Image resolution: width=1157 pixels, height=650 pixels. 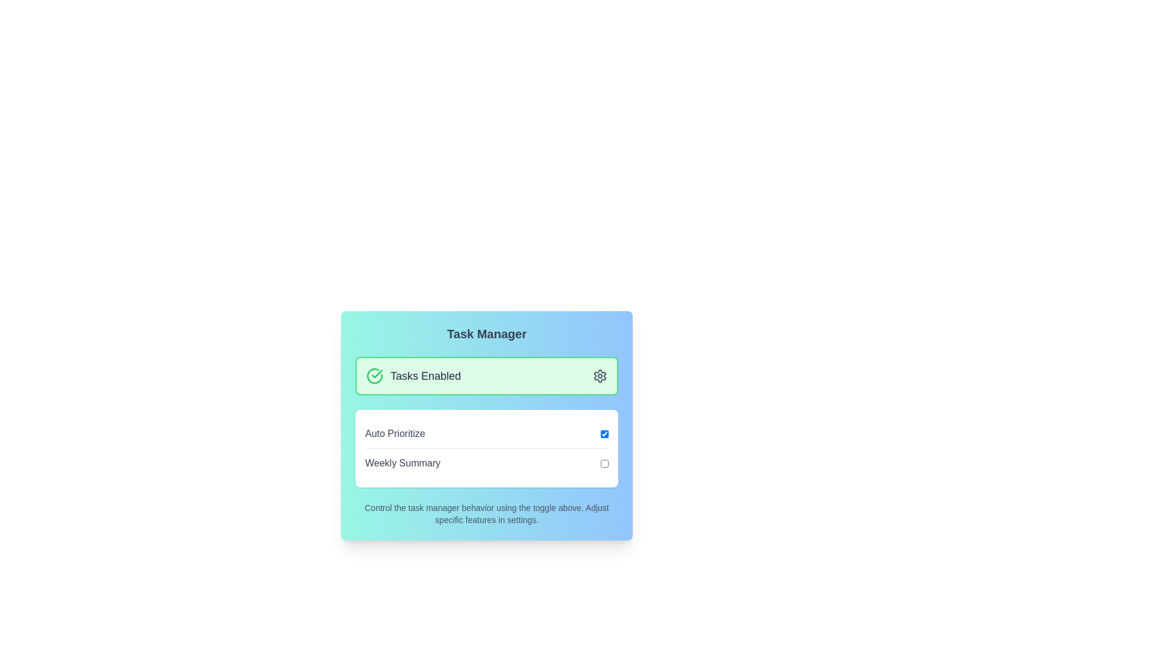 What do you see at coordinates (374, 375) in the screenshot?
I see `the green-bordered circular icon resembling a check mark inside a circle, located to the left of the 'Tasks Enabled' text in the Task Manager interface` at bounding box center [374, 375].